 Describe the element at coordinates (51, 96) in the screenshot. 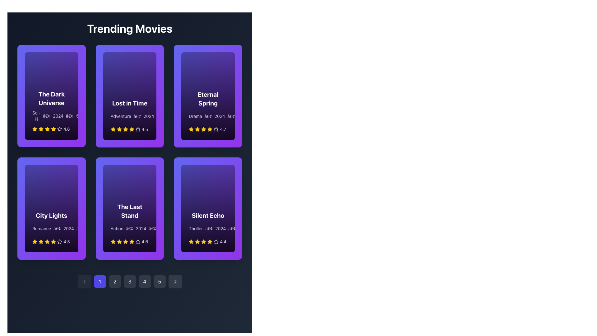

I see `the movie card located in the first row and first column of the grid layout` at that location.